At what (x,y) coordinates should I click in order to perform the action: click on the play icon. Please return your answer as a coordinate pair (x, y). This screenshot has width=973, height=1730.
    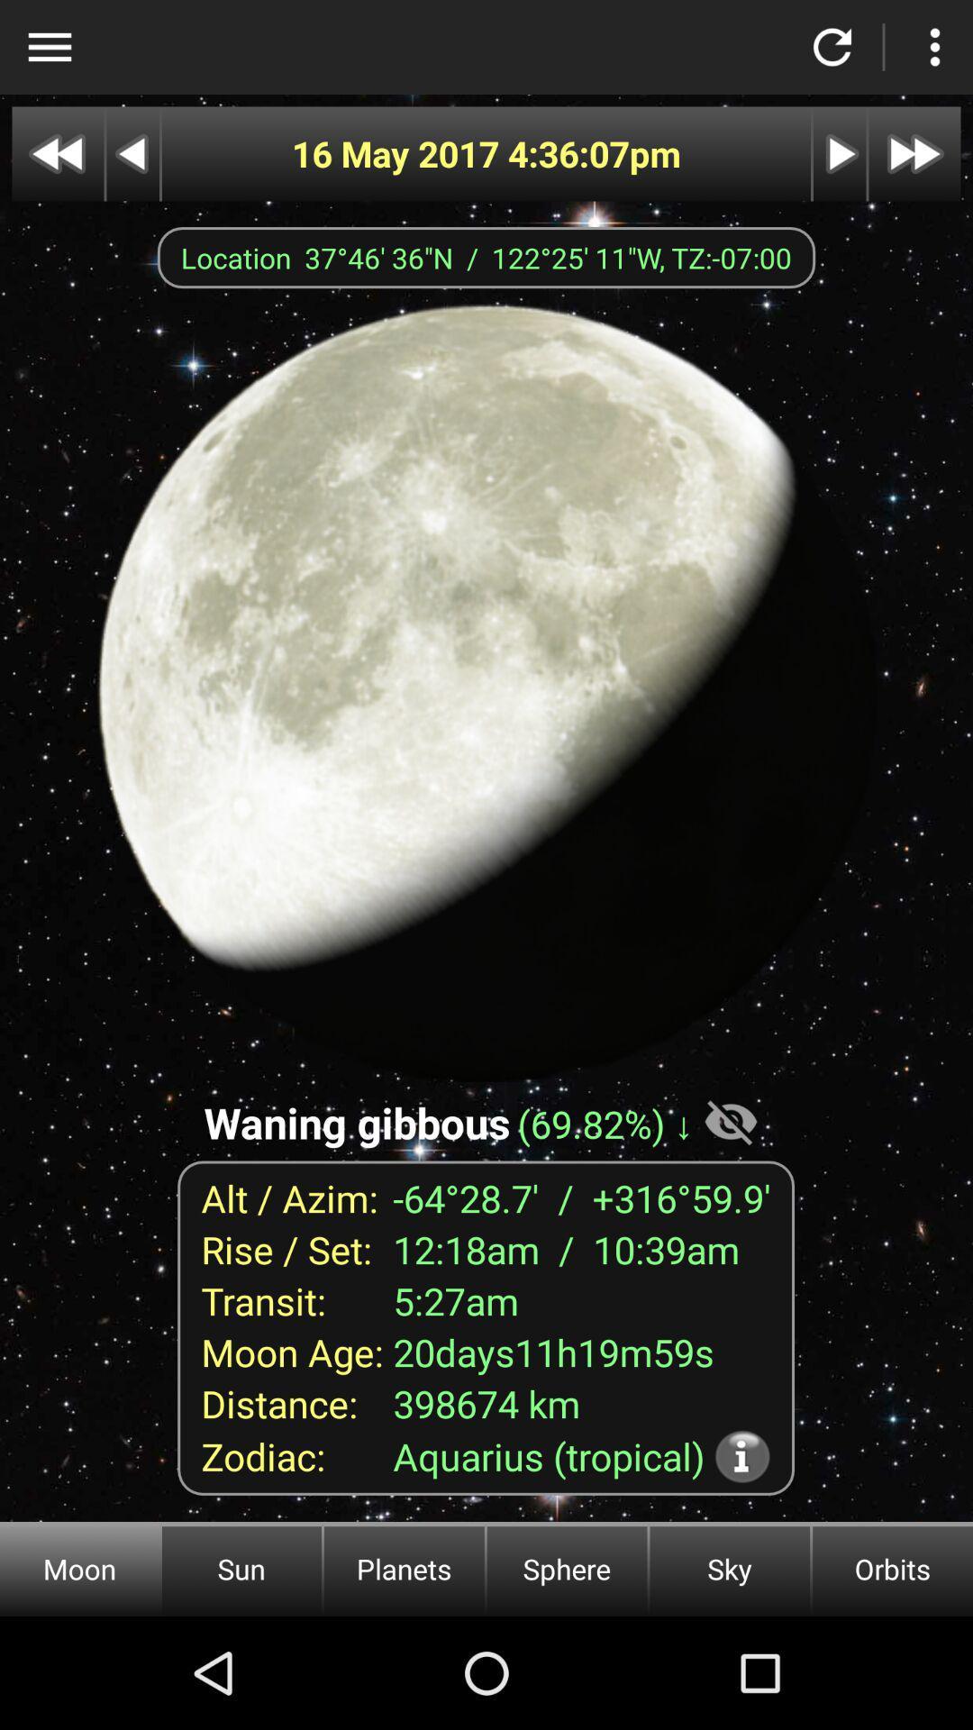
    Looking at the image, I should click on (840, 154).